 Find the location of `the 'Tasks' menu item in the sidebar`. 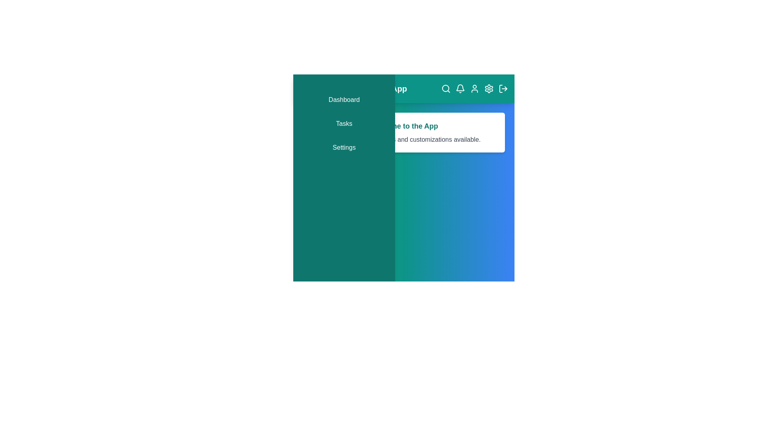

the 'Tasks' menu item in the sidebar is located at coordinates (344, 124).